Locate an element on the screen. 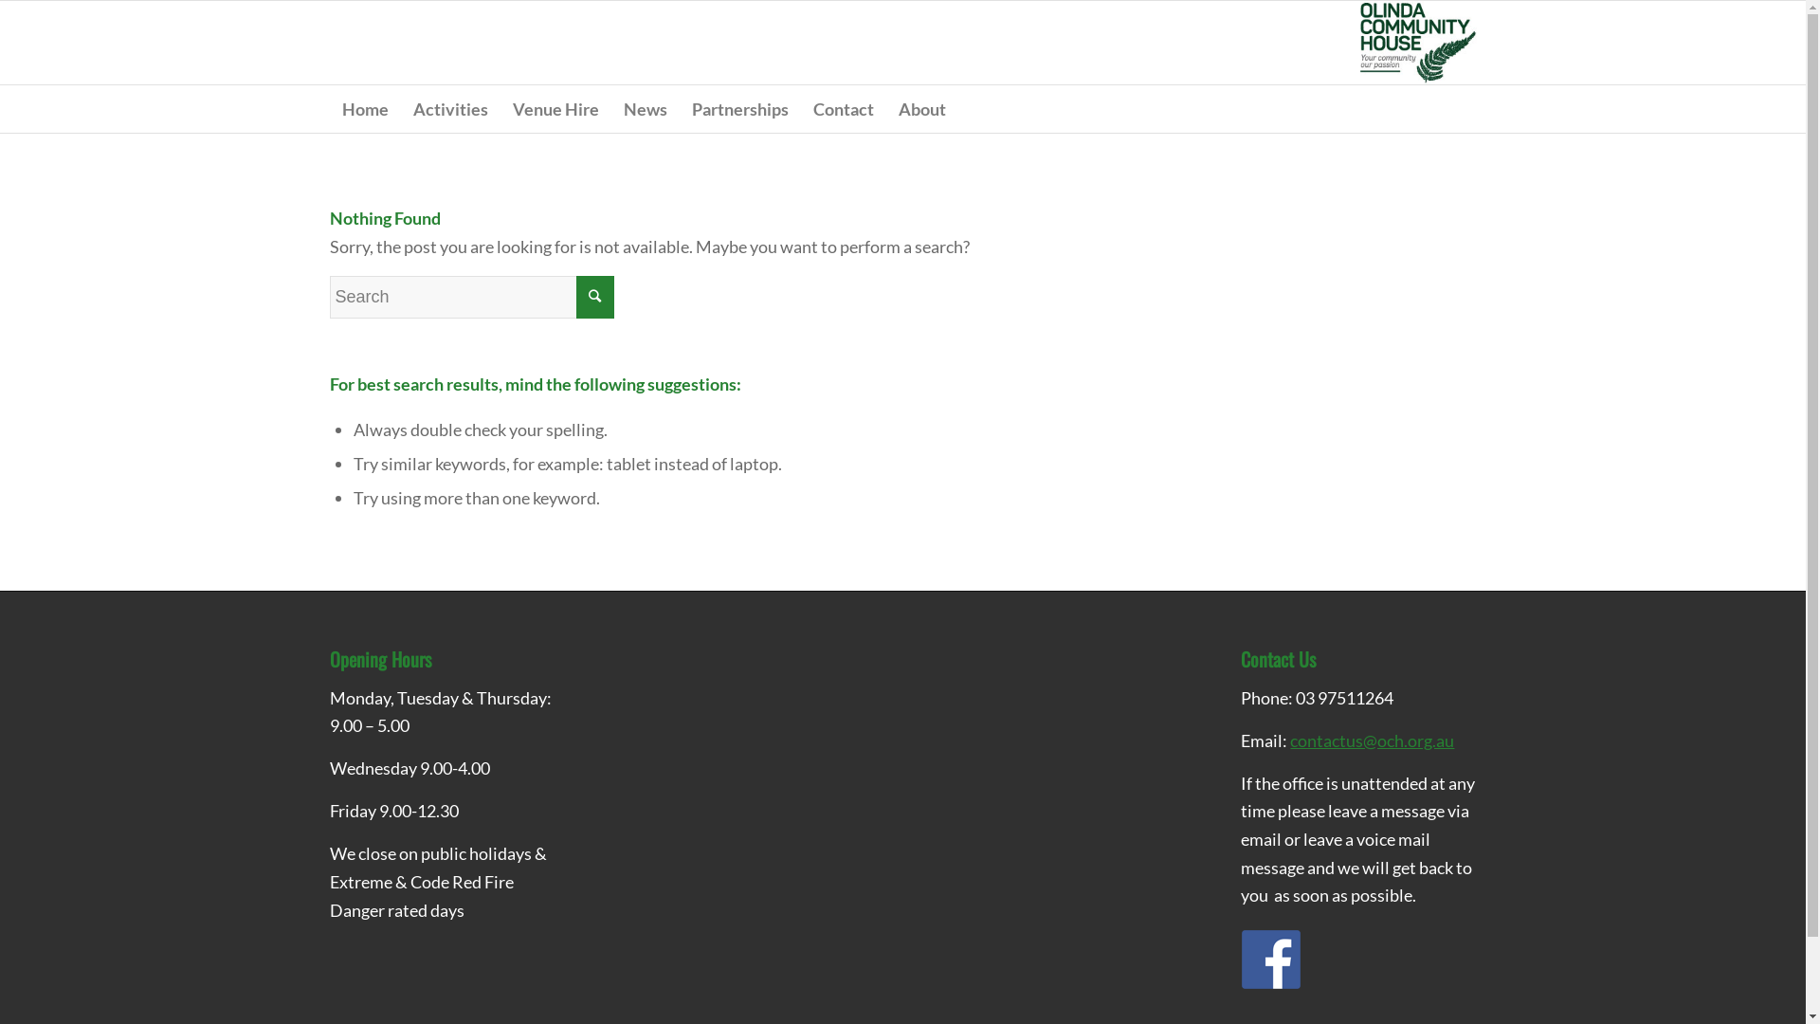 Image resolution: width=1820 pixels, height=1024 pixels. 'Facebook_64x64_01' is located at coordinates (1270, 959).